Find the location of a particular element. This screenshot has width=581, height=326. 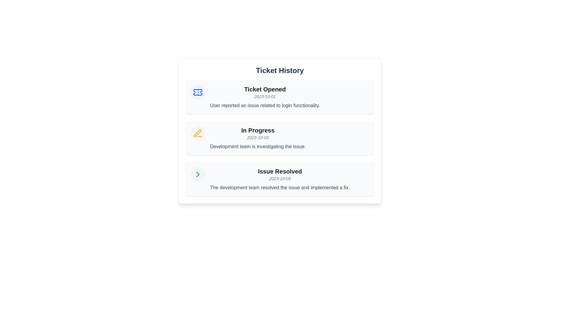

the italicized gray text '2023-10-03' which is located below the bold text 'In Progress' and above the status description text 'Development team is investigating the issue' is located at coordinates (258, 137).